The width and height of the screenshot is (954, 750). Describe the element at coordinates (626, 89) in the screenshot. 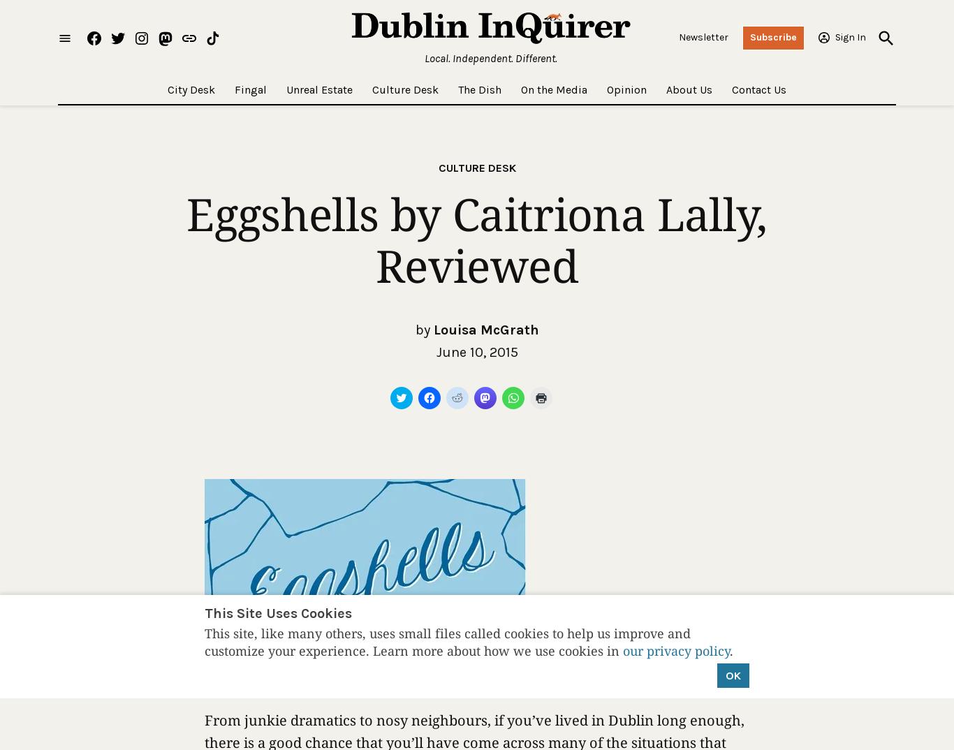

I see `'Opinion'` at that location.